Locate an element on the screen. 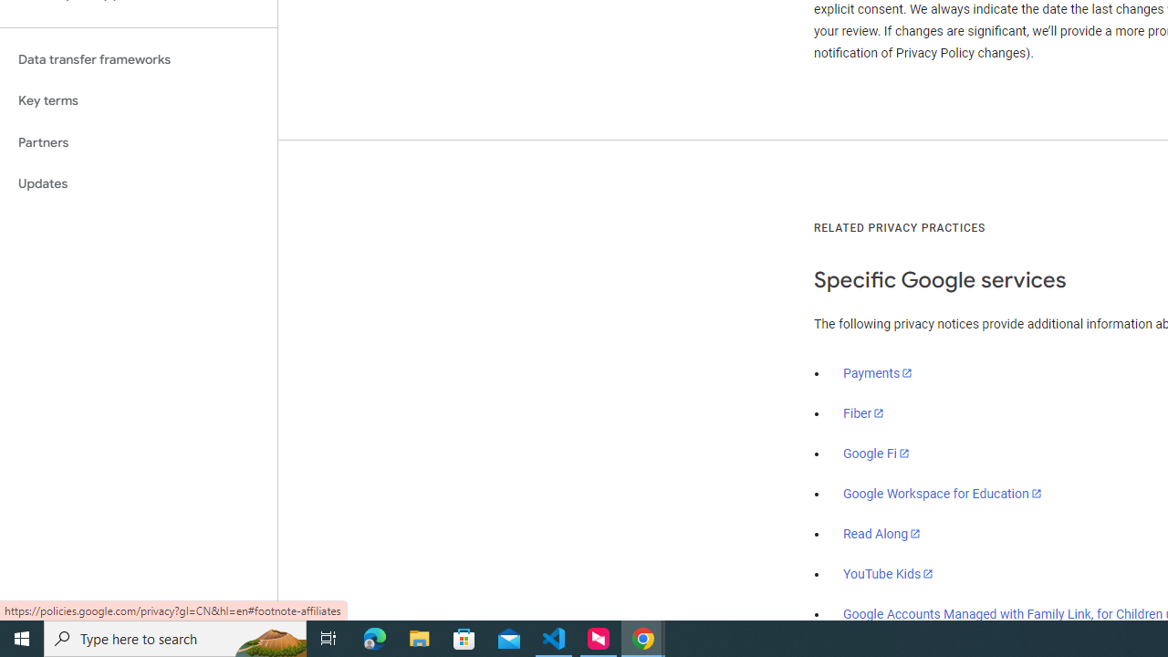 Image resolution: width=1168 pixels, height=657 pixels. 'Data transfer frameworks' is located at coordinates (138, 58).